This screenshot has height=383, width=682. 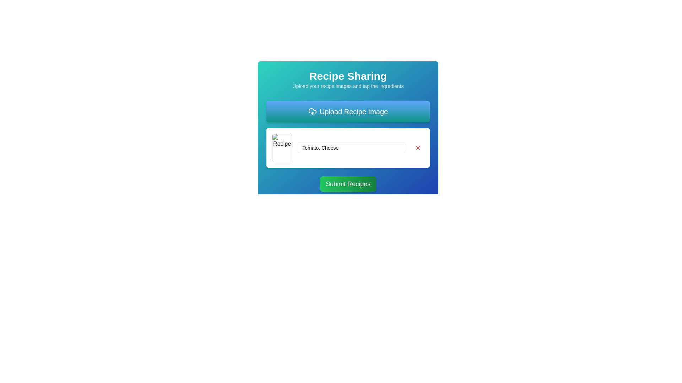 What do you see at coordinates (418, 147) in the screenshot?
I see `the clear icon located to the far right of the input field labeled 'Tomato, Cheese' to clear its contents` at bounding box center [418, 147].